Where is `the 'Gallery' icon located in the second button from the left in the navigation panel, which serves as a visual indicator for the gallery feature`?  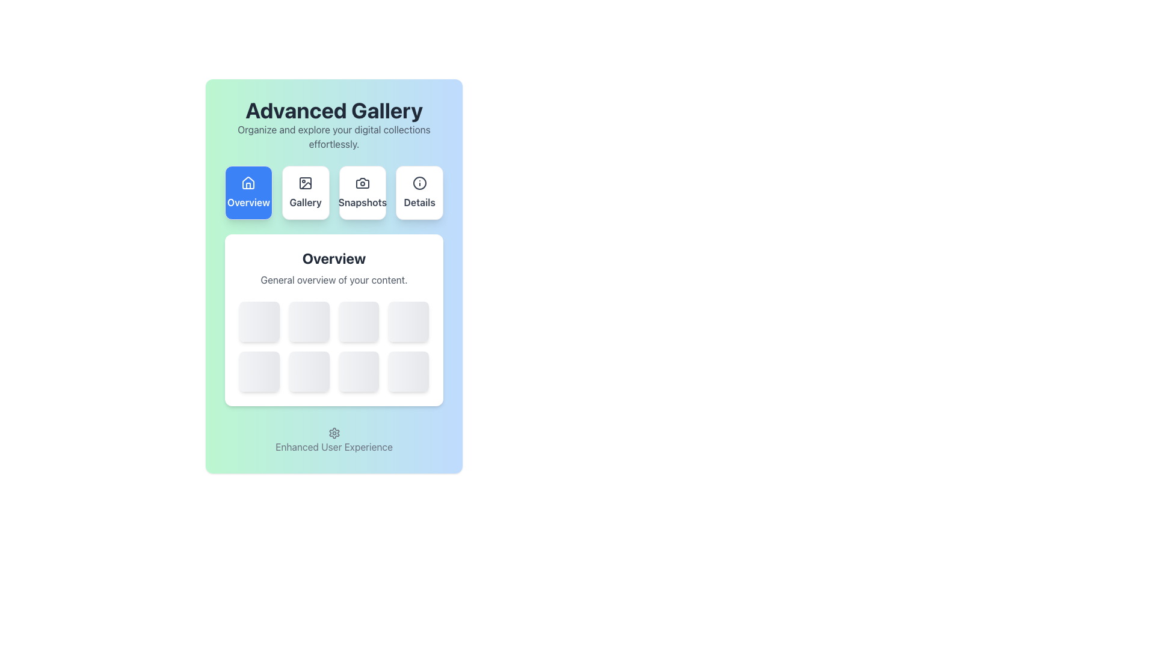 the 'Gallery' icon located in the second button from the left in the navigation panel, which serves as a visual indicator for the gallery feature is located at coordinates (306, 183).